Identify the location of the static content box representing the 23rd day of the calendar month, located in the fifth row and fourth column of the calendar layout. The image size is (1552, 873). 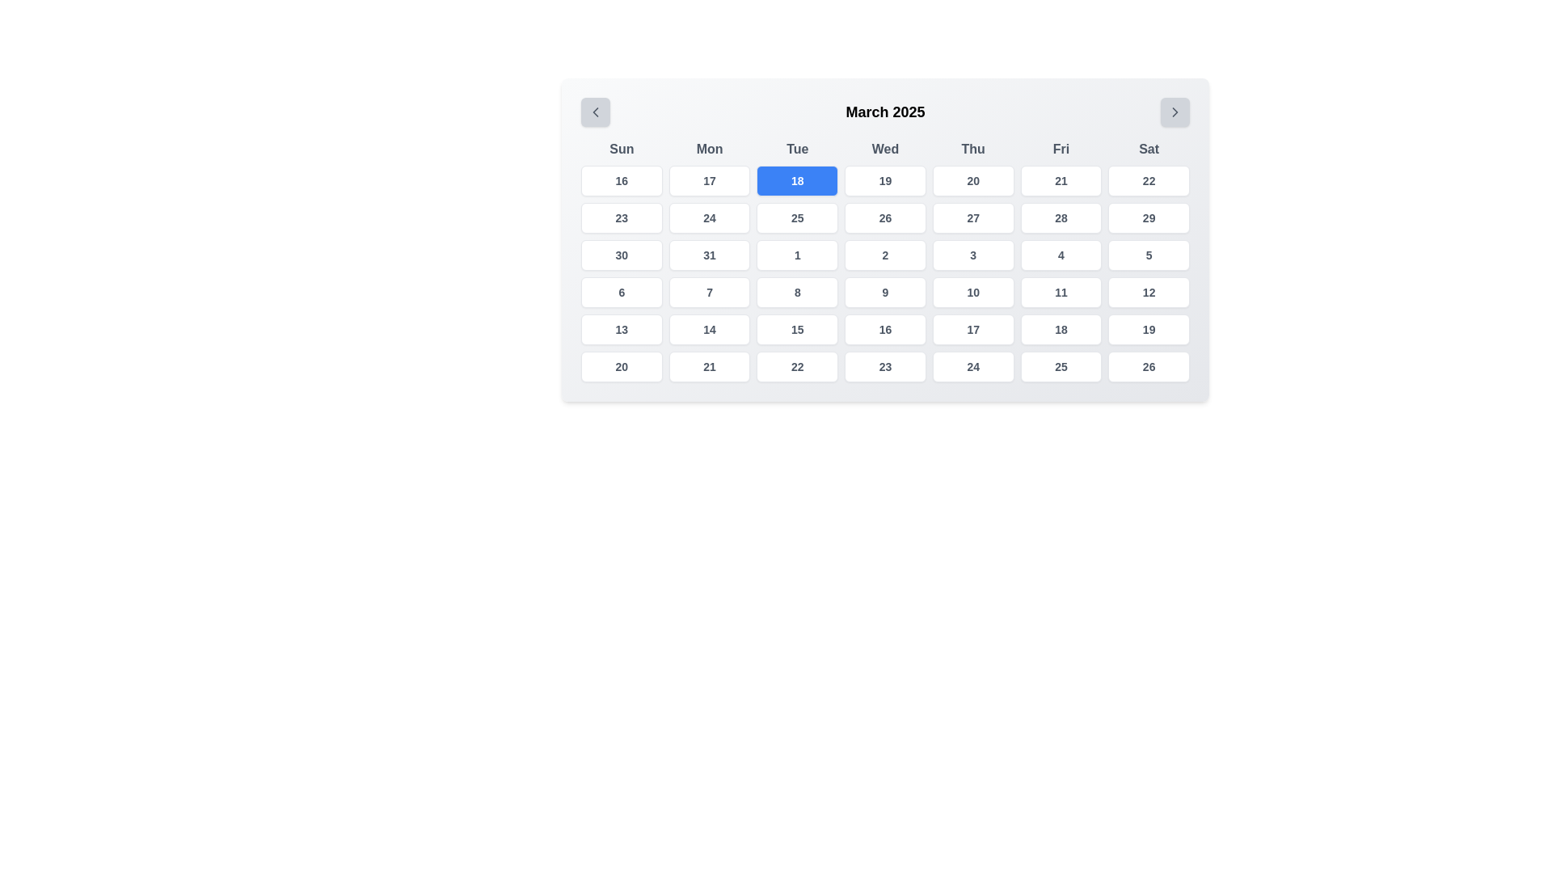
(884, 367).